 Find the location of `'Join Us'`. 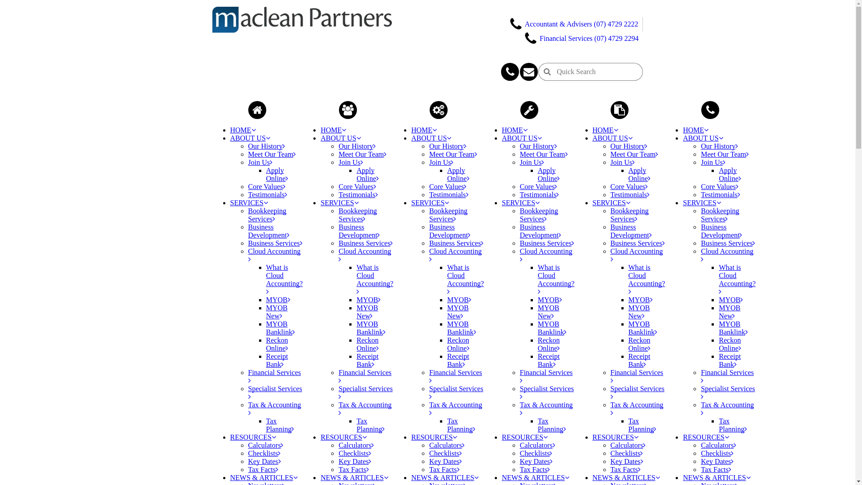

'Join Us' is located at coordinates (441, 162).